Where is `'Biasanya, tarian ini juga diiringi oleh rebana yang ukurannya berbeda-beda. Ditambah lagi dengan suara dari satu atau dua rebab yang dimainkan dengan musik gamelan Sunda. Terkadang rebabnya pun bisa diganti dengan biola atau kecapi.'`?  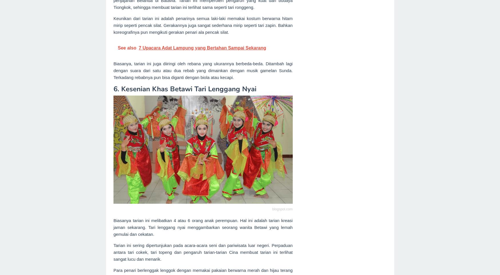
'Biasanya, tarian ini juga diiringi oleh rebana yang ukurannya berbeda-beda. Ditambah lagi dengan suara dari satu atau dua rebab yang dimainkan dengan musik gamelan Sunda. Terkadang rebabnya pun bisa diganti dengan biola atau kecapi.' is located at coordinates (202, 70).